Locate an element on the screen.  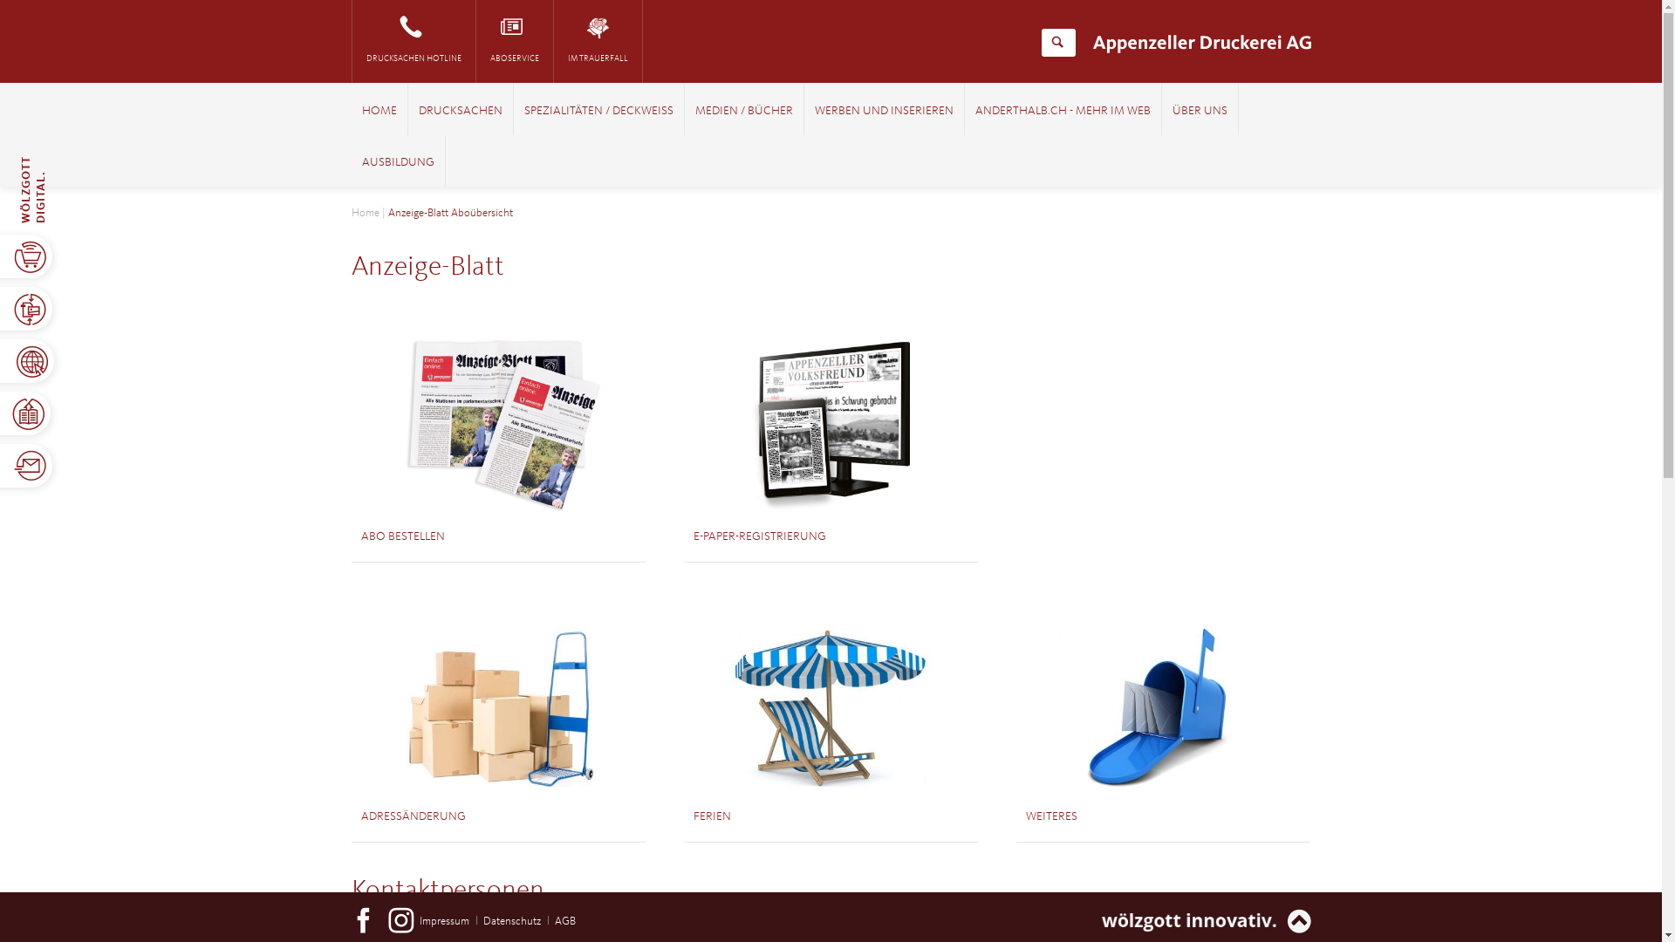
'Impressum' is located at coordinates (444, 920).